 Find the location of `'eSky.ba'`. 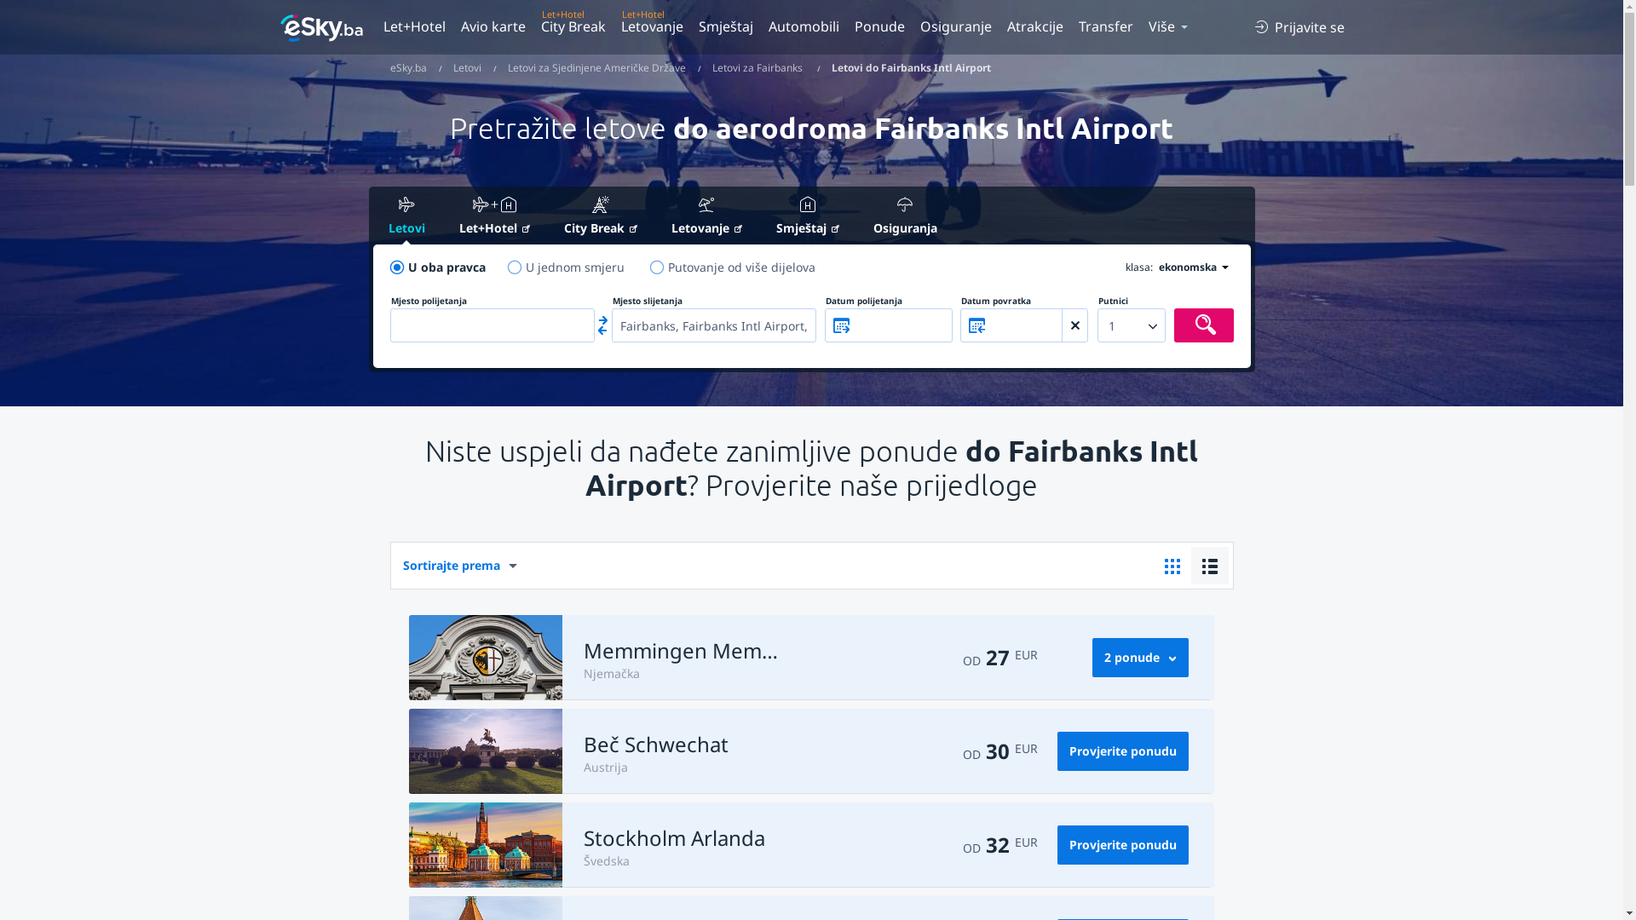

'eSky.ba' is located at coordinates (407, 67).